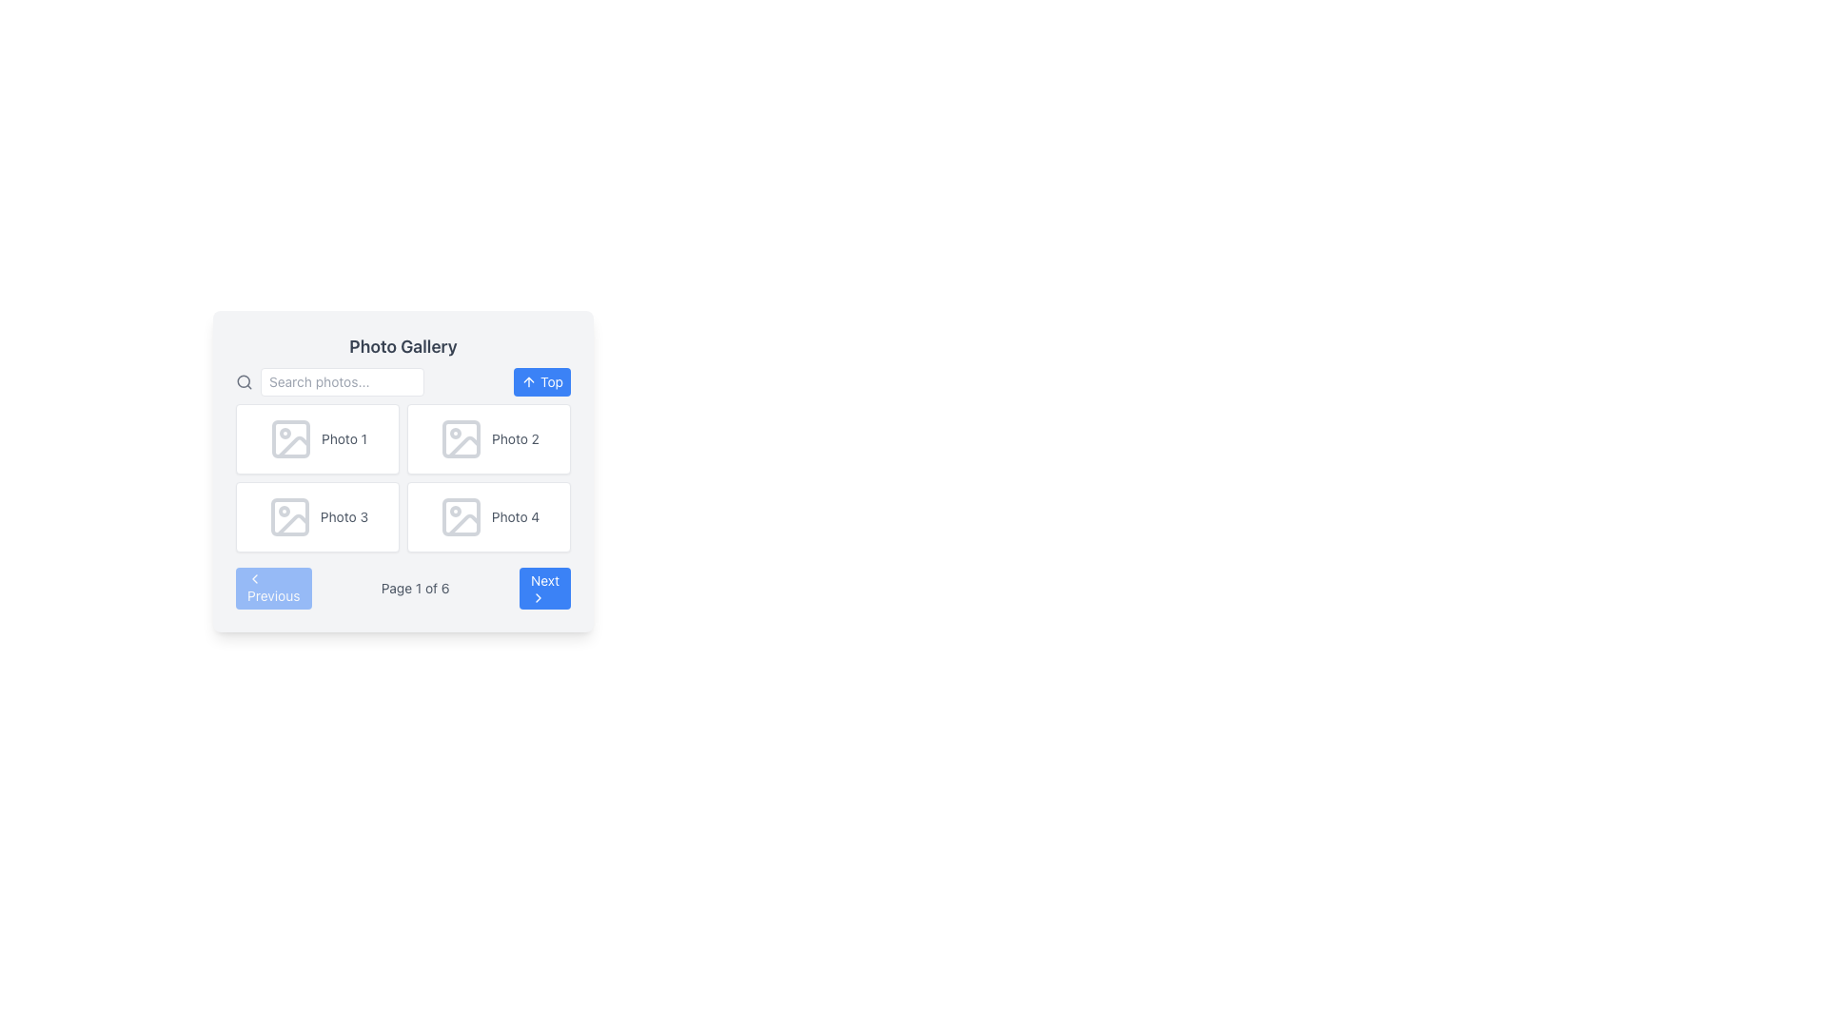 The image size is (1827, 1027). I want to click on the blue rectangular button with rounded corners labeled 'Top' in the upper-right corner of the 'Photo Gallery' panel, so click(541, 381).